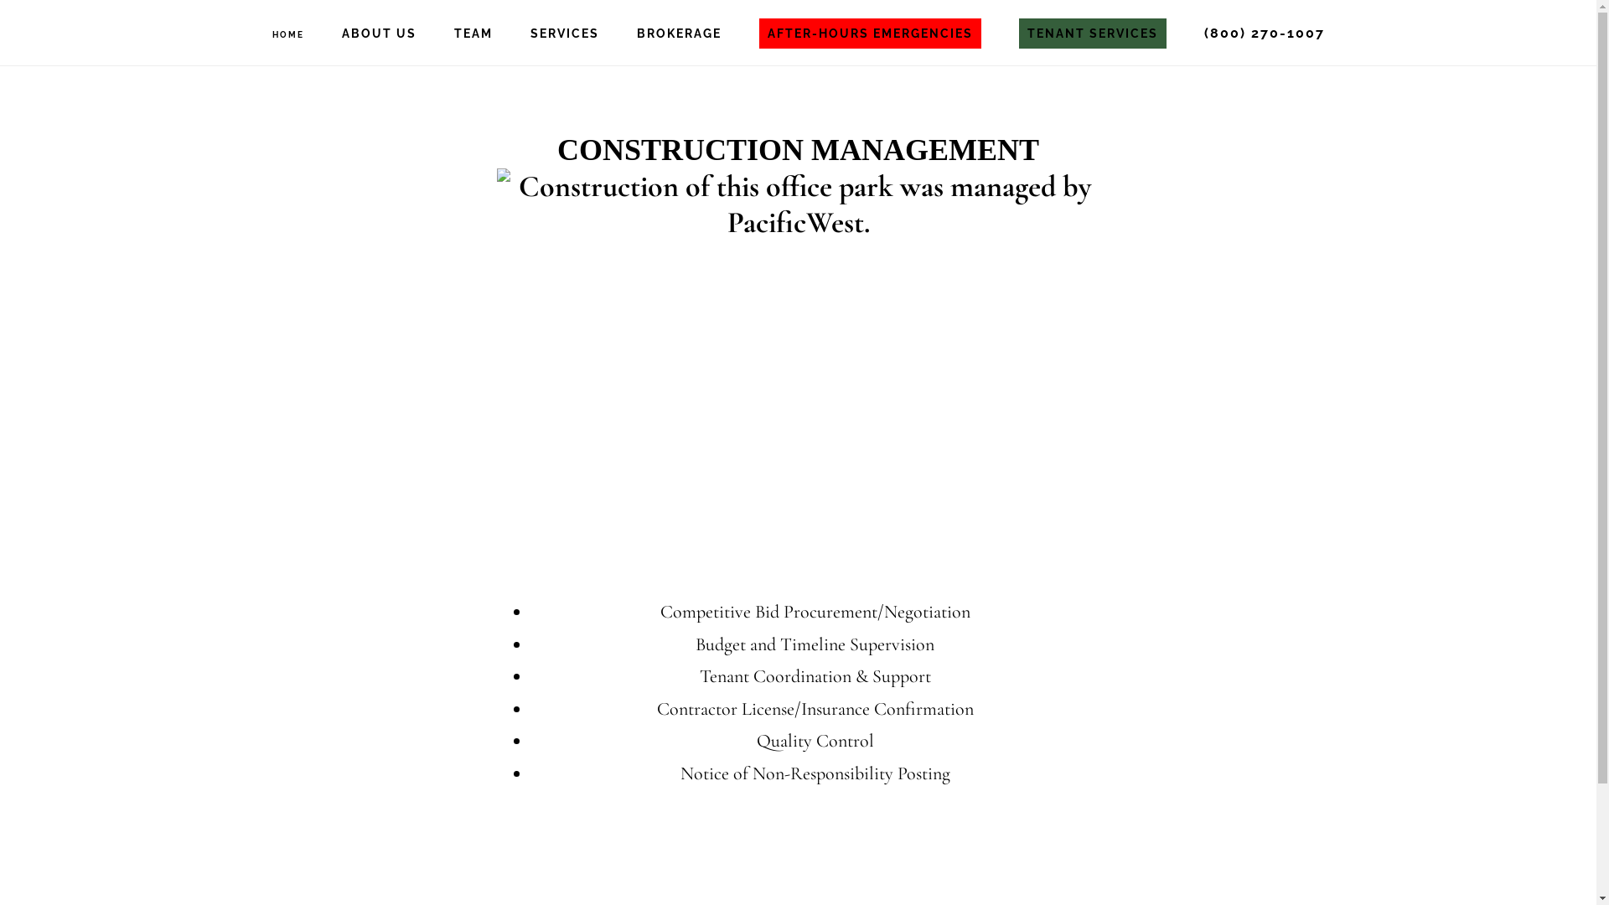 This screenshot has height=905, width=1609. Describe the element at coordinates (473, 33) in the screenshot. I see `'TEAM'` at that location.